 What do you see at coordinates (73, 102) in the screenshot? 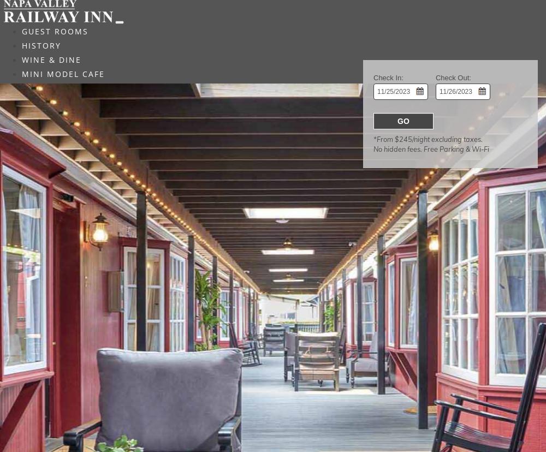
I see `'CONTACT & LOCATION'` at bounding box center [73, 102].